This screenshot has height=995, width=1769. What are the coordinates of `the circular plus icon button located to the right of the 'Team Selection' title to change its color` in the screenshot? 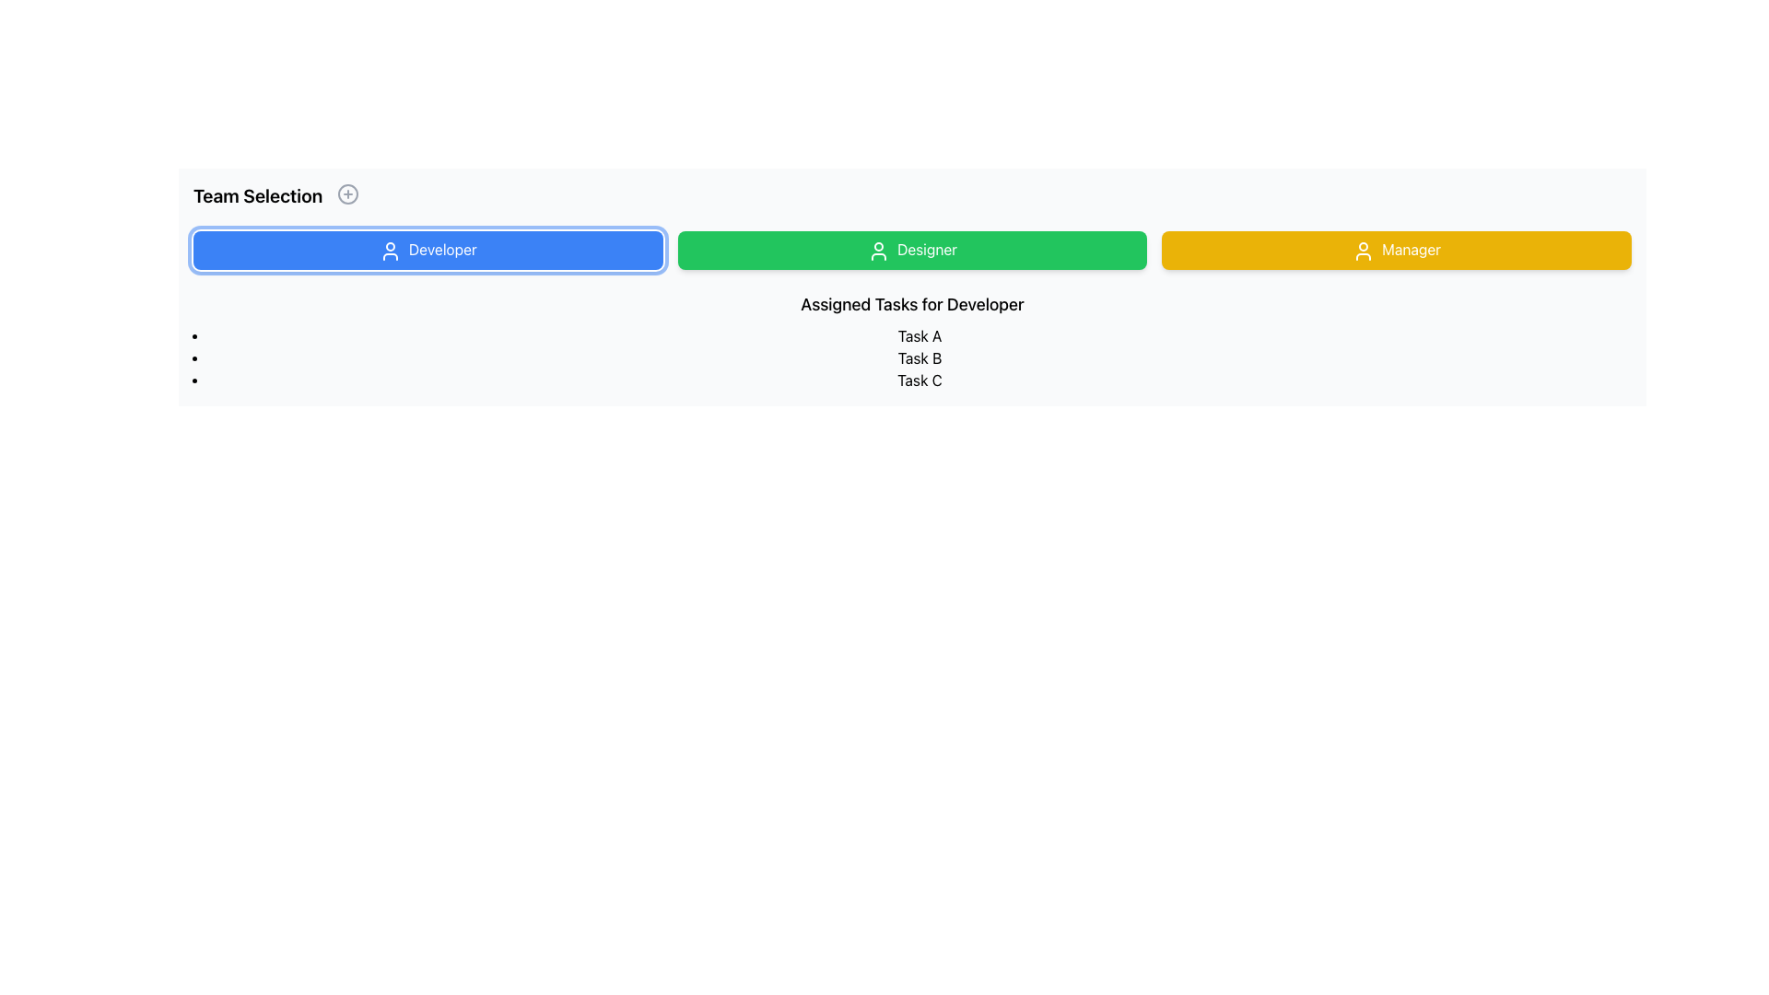 It's located at (348, 194).